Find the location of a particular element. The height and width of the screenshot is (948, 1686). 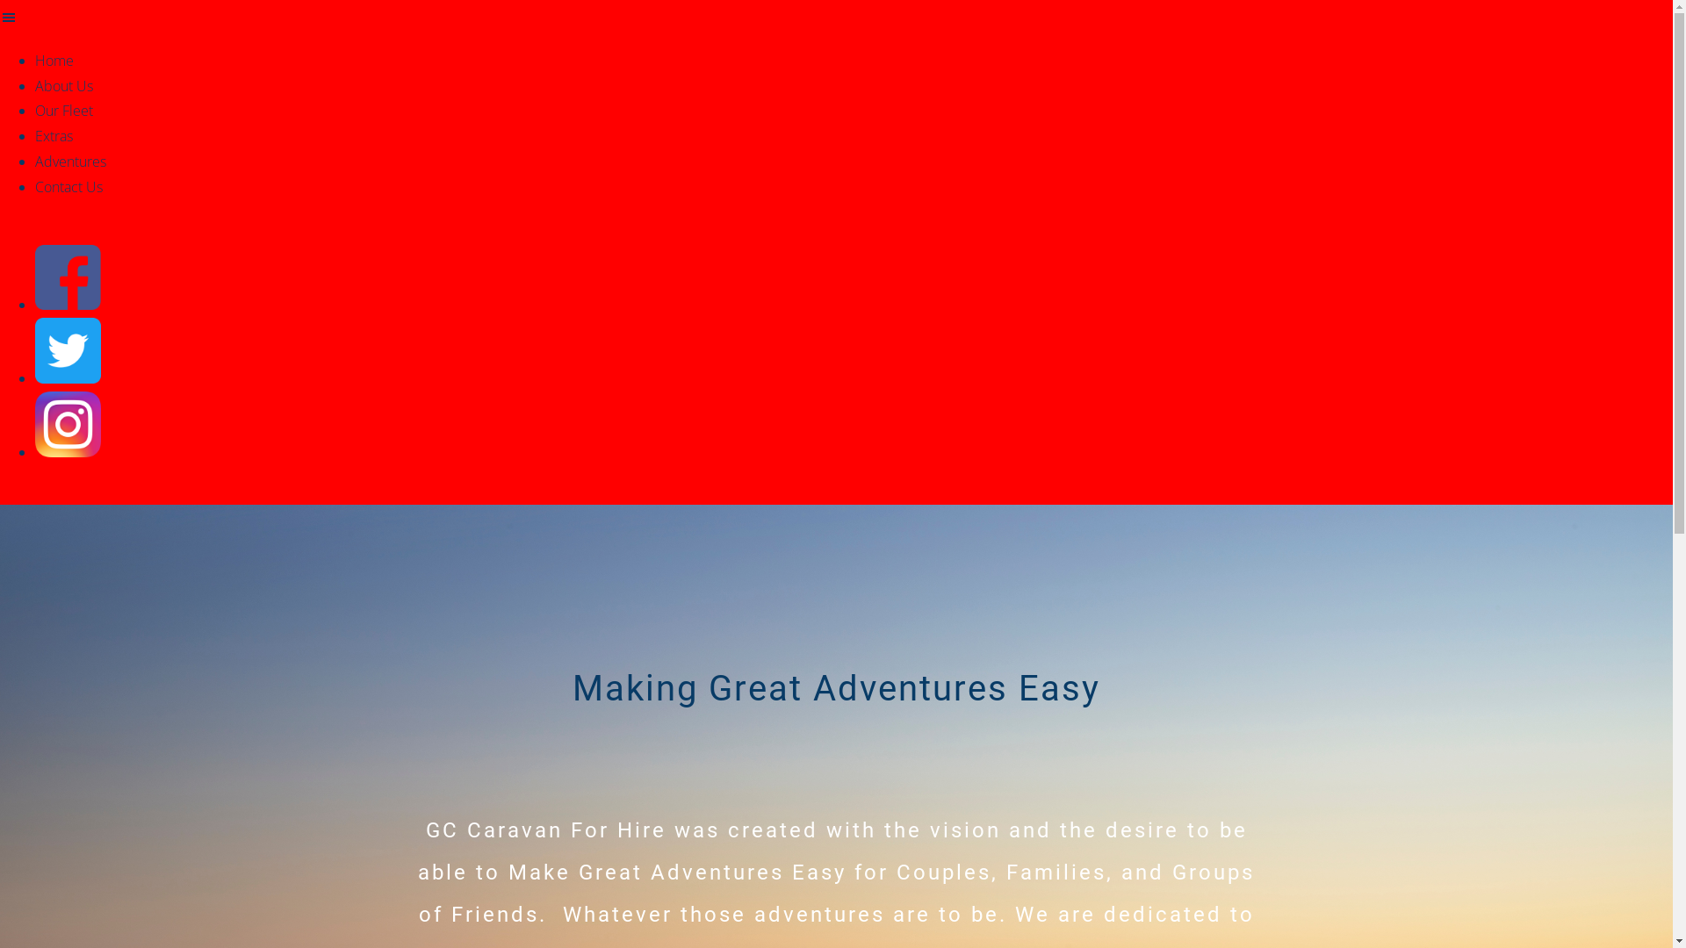

'Contact Us' is located at coordinates (68, 186).